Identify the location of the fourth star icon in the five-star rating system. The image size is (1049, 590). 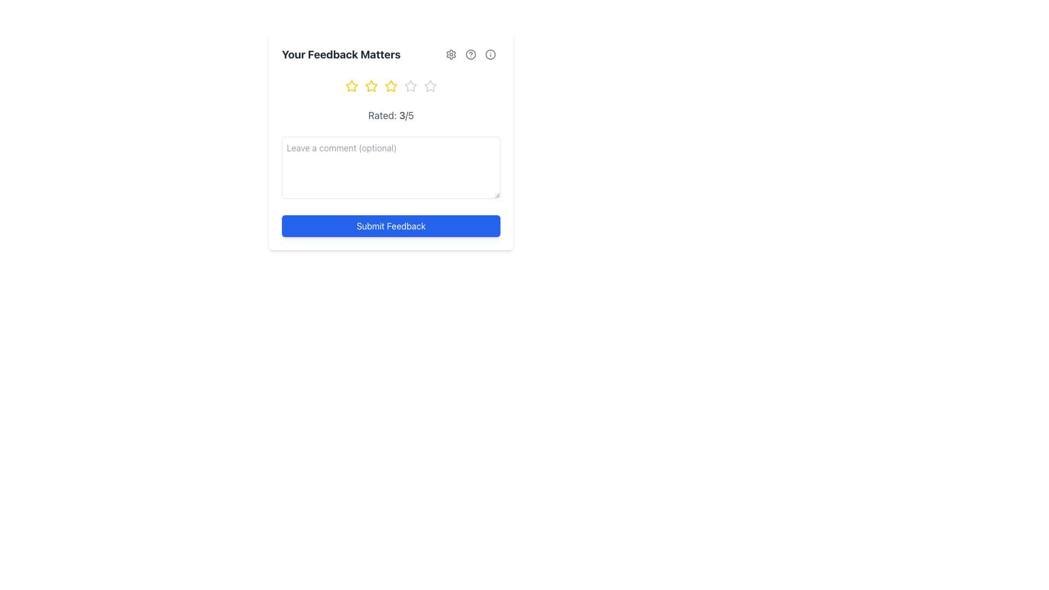
(410, 85).